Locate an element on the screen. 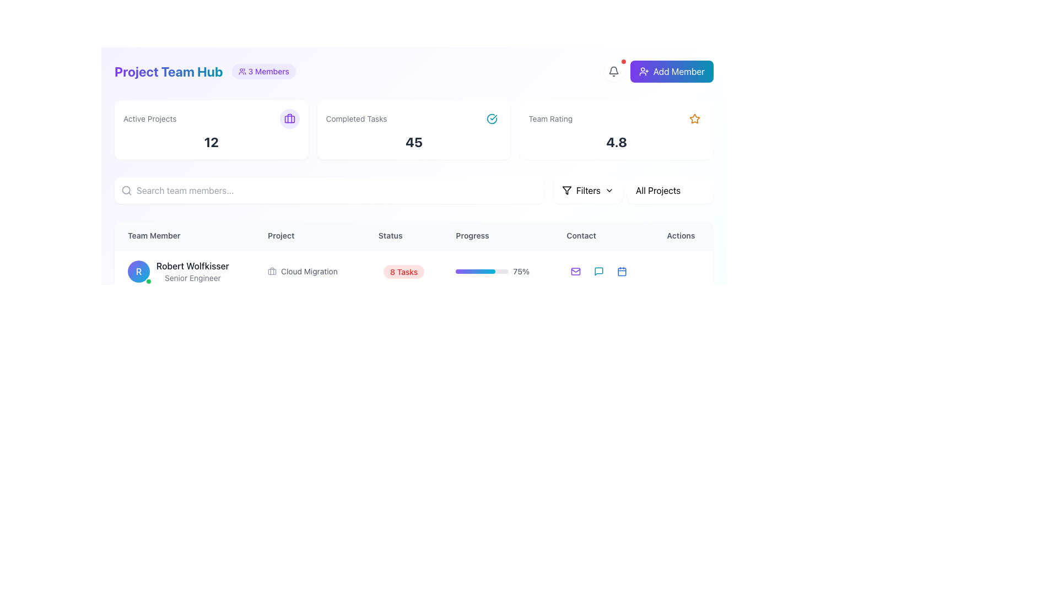  the 'All Projects' button, which is a rectangular button with a white background and dark text, located towards the upper-right side of the interface is located at coordinates (670, 190).